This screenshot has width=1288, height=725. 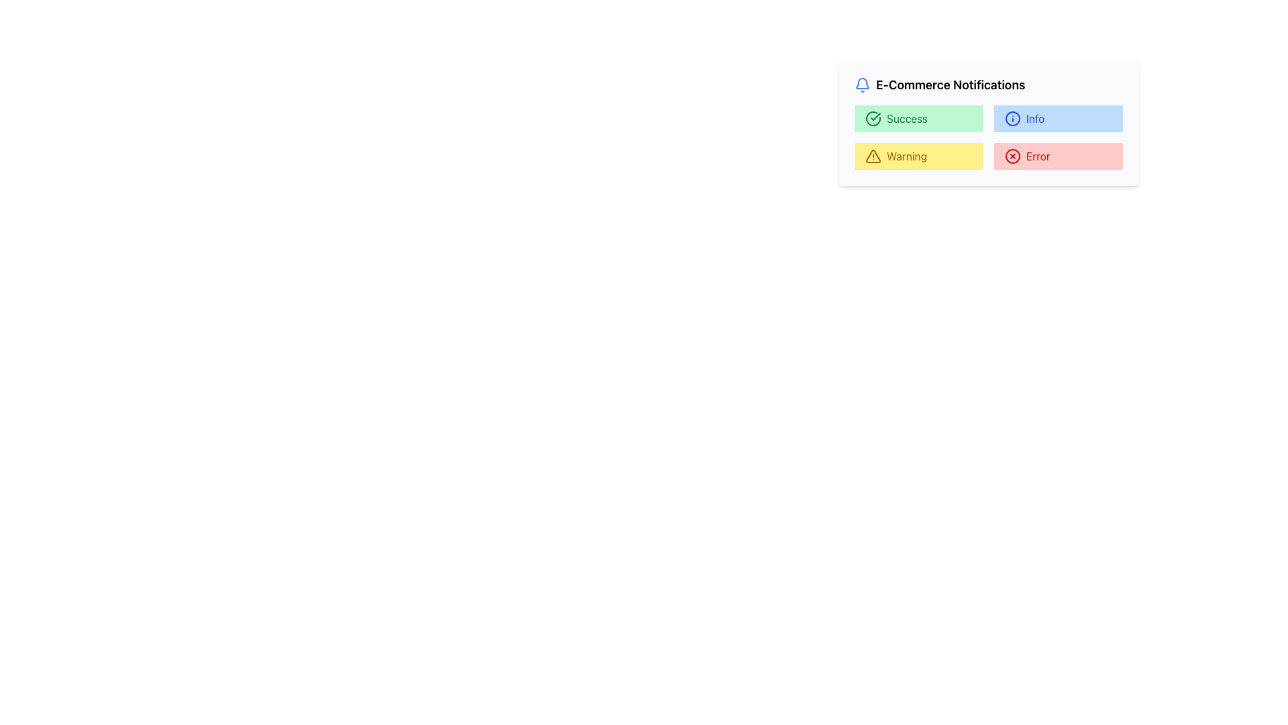 I want to click on the 'Info' text label displayed in blue, which is located inside a light blue rectangular area, and is part of the clickable button labeled 'Info', positioned to the right of the green 'Success' button, so click(x=1034, y=118).